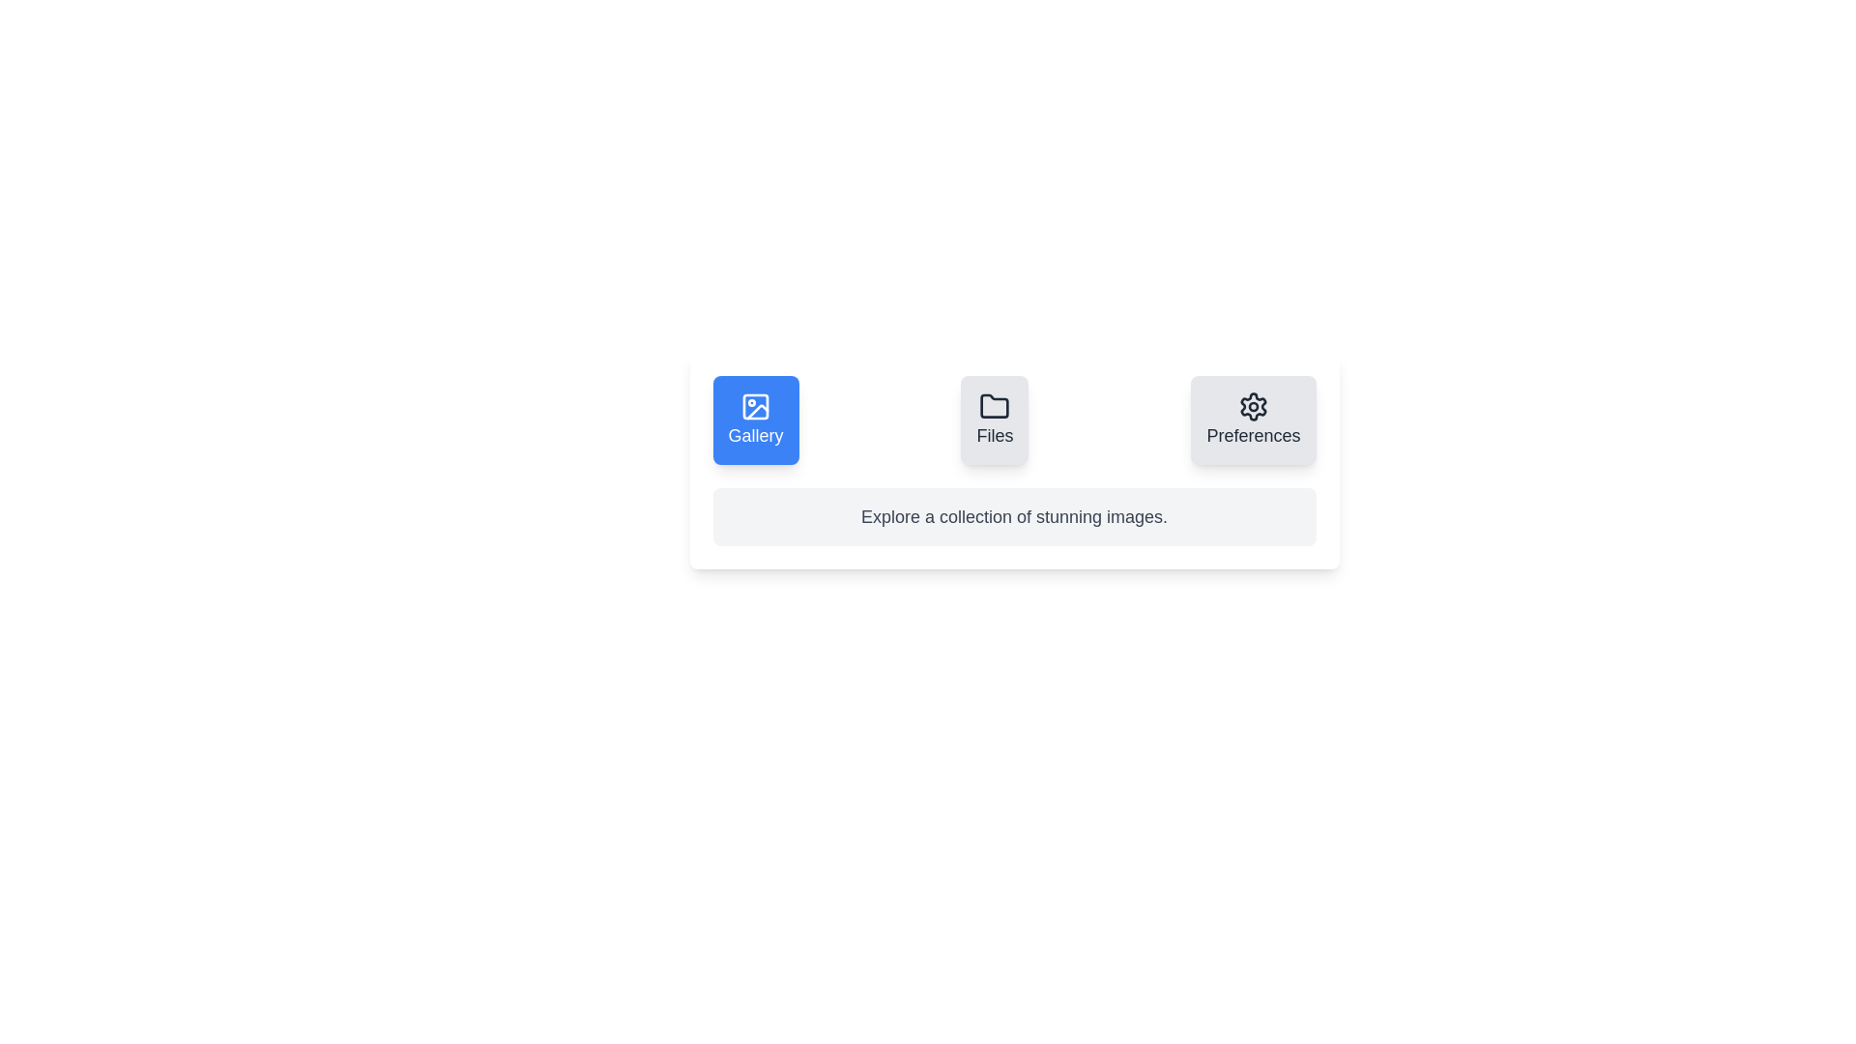 The height and width of the screenshot is (1044, 1856). Describe the element at coordinates (994, 420) in the screenshot. I see `the Files tab` at that location.